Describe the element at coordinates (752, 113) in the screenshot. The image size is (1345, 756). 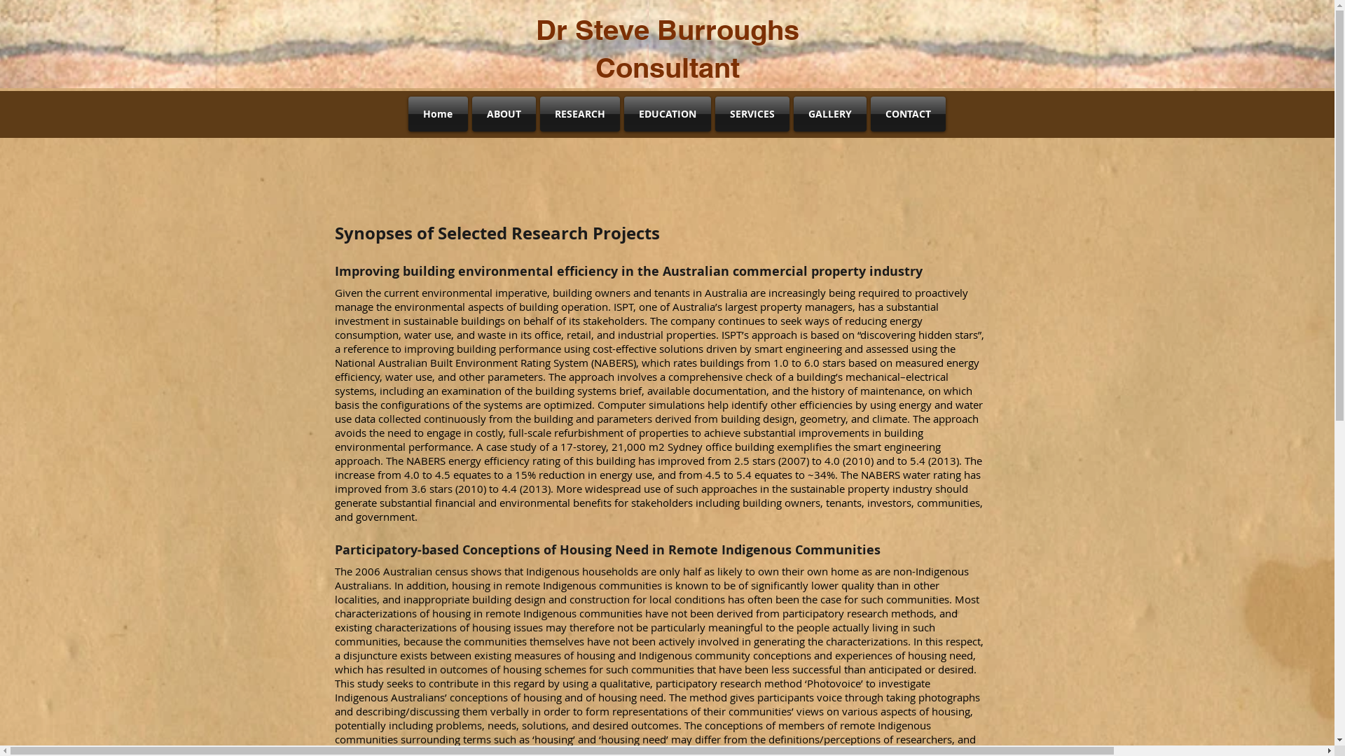
I see `'SERVICES'` at that location.